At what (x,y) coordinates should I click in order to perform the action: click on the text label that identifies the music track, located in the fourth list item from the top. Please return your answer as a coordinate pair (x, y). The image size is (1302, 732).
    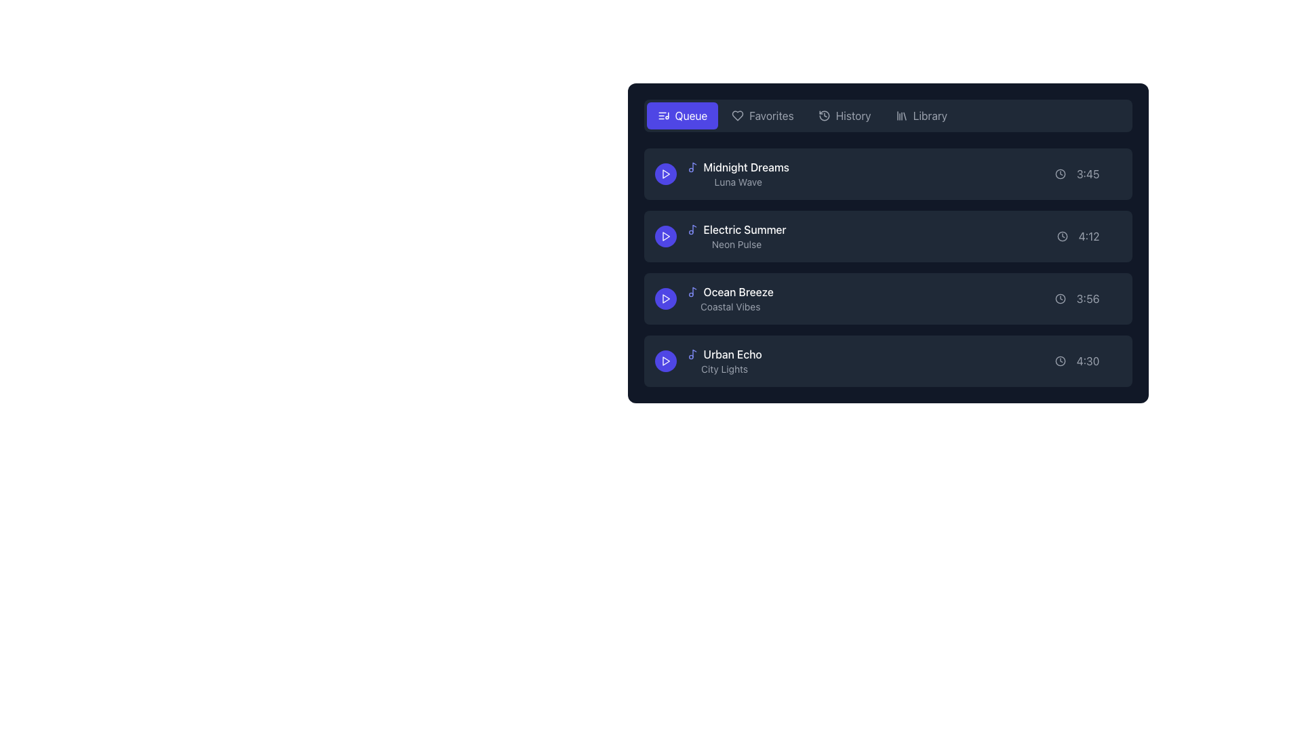
    Looking at the image, I should click on (724, 354).